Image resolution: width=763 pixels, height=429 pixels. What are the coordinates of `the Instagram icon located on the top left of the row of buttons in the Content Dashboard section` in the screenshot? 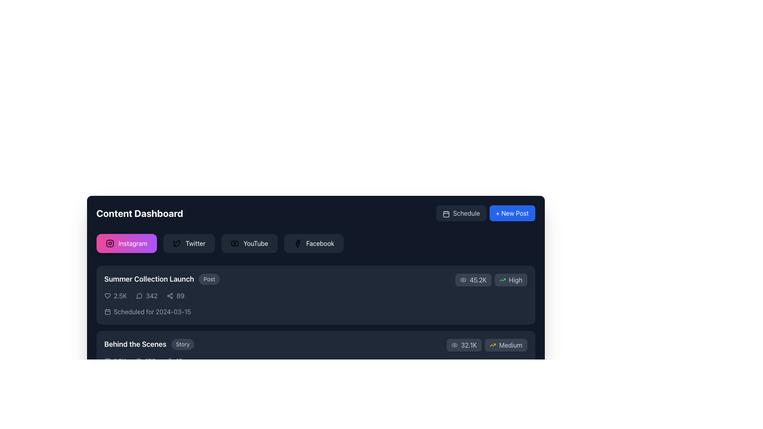 It's located at (109, 243).